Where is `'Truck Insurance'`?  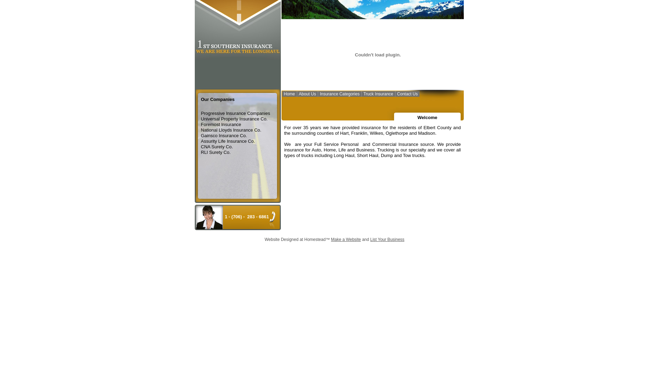
'Truck Insurance' is located at coordinates (378, 95).